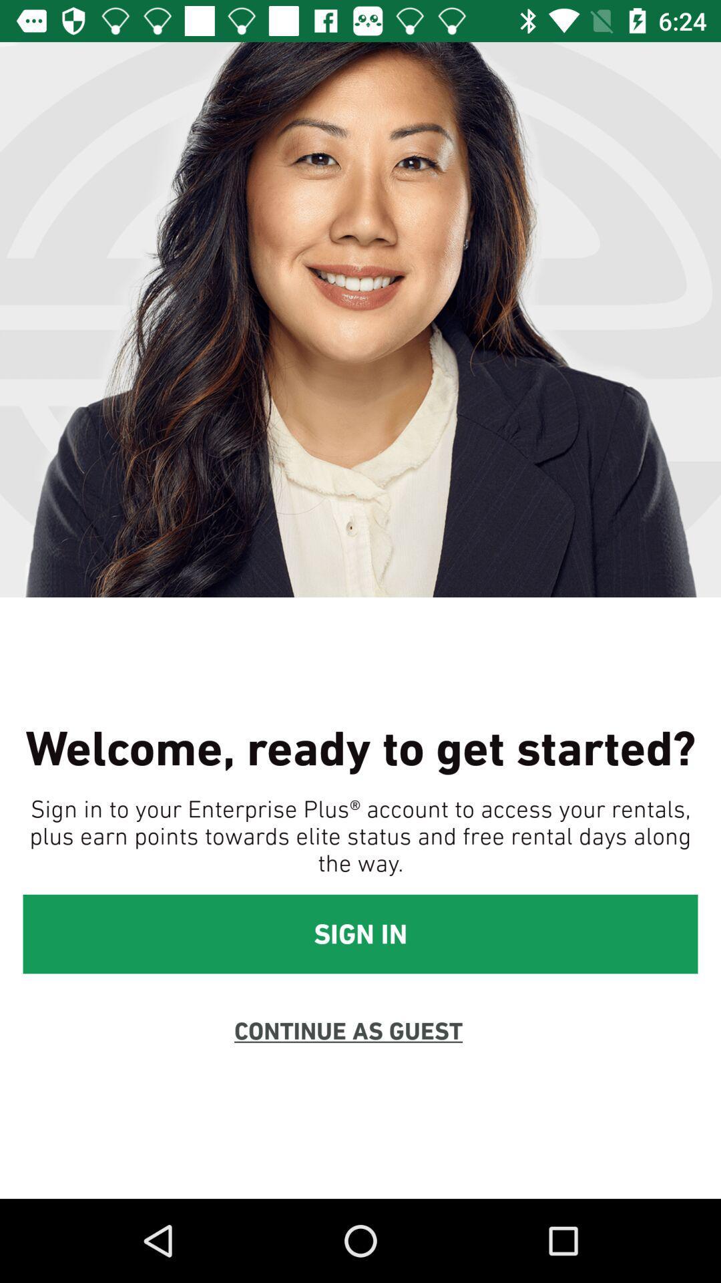 This screenshot has width=721, height=1283. Describe the element at coordinates (347, 1030) in the screenshot. I see `the continue as guest` at that location.